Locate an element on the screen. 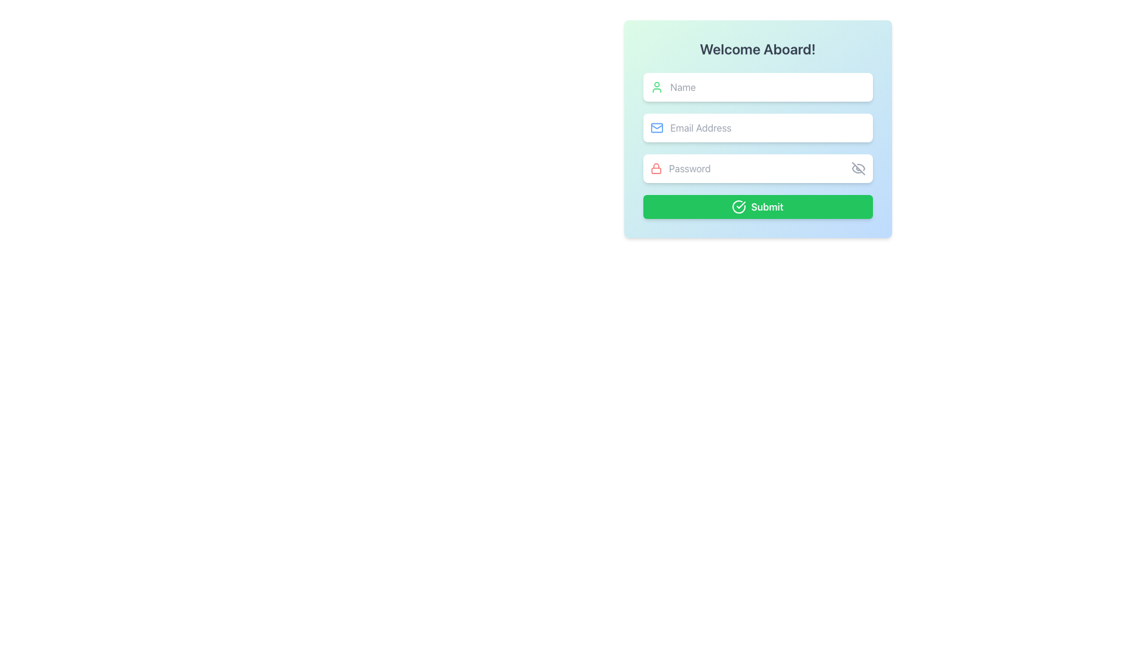  the password input field, which is the third input field in the user authentication form is located at coordinates (756, 168).